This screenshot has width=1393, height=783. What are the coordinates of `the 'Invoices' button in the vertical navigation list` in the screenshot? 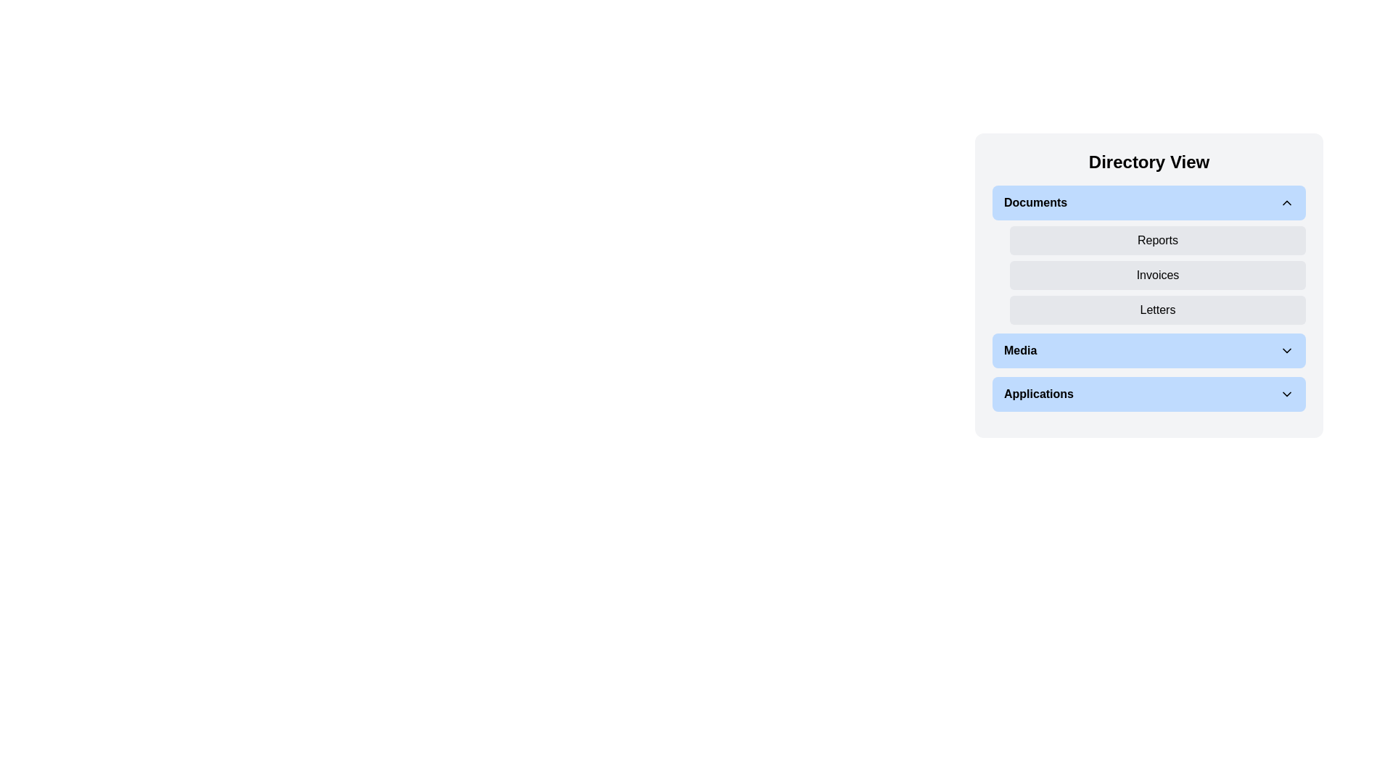 It's located at (1157, 275).